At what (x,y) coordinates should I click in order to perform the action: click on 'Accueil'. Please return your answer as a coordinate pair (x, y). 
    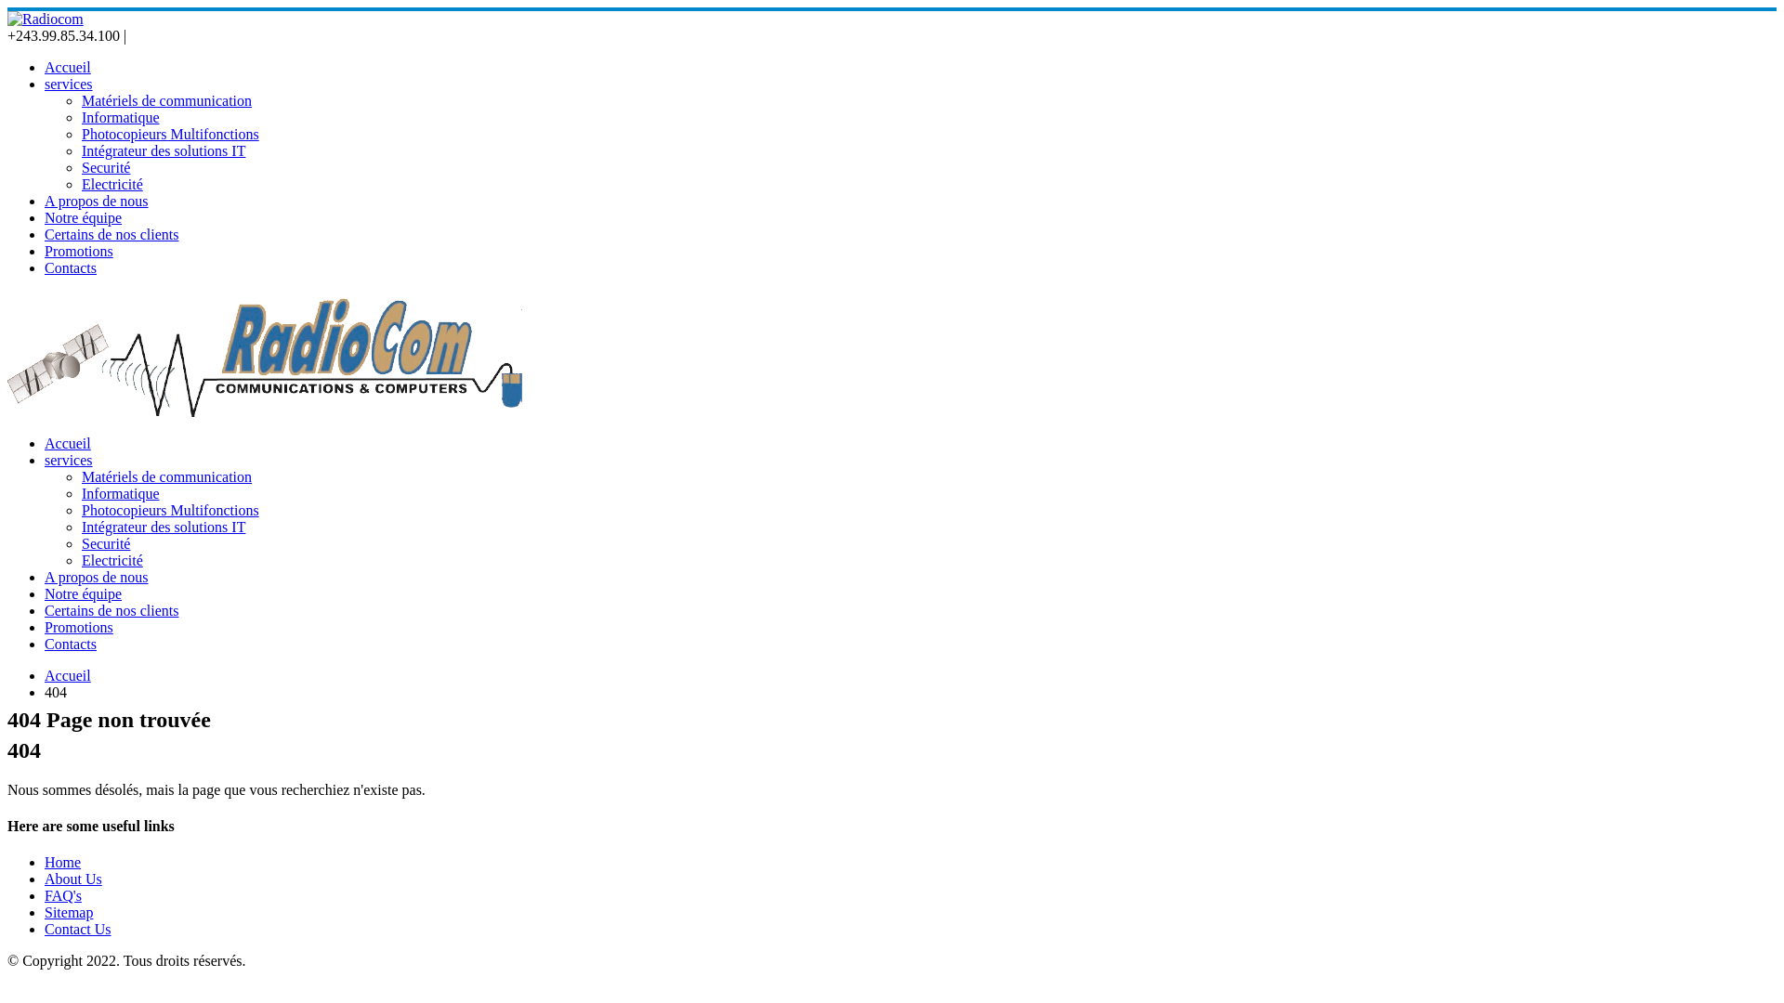
    Looking at the image, I should click on (67, 675).